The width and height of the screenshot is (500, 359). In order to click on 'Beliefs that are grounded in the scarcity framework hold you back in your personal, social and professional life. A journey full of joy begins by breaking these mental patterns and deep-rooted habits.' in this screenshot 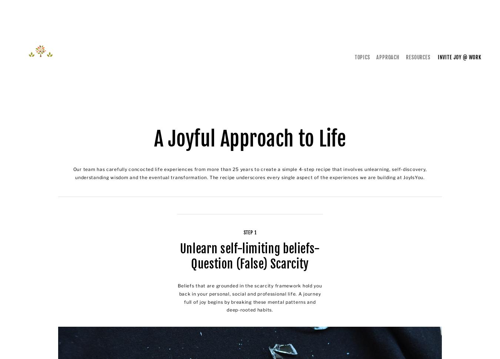, I will do `click(250, 297)`.